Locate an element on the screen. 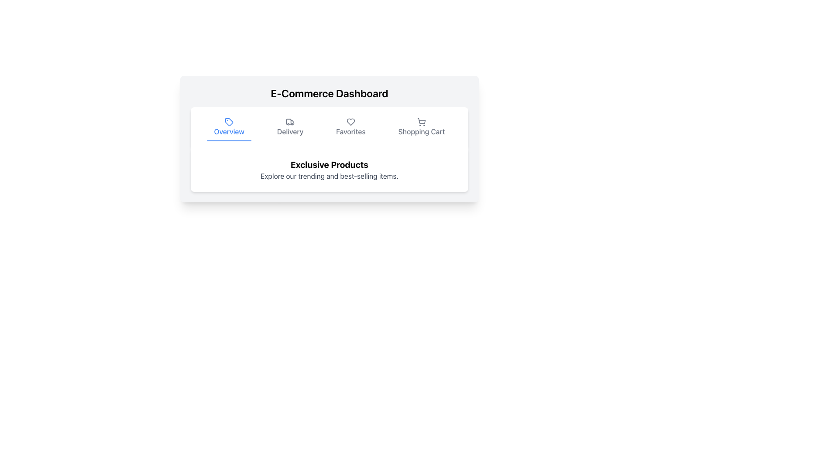  the navigation button labeled 'Favorites' located in the center of the horizontal navigation bar is located at coordinates (350, 128).